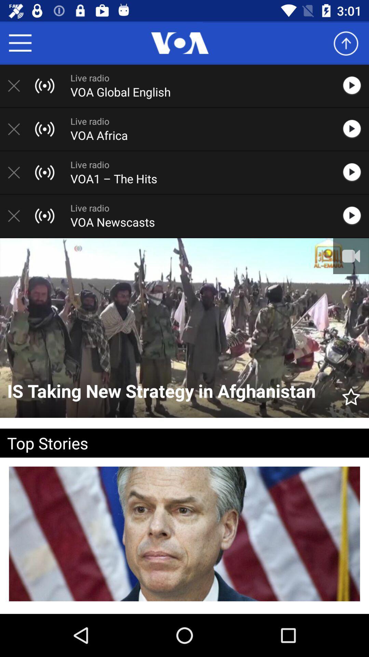  Describe the element at coordinates (355, 129) in the screenshot. I see `this radio` at that location.